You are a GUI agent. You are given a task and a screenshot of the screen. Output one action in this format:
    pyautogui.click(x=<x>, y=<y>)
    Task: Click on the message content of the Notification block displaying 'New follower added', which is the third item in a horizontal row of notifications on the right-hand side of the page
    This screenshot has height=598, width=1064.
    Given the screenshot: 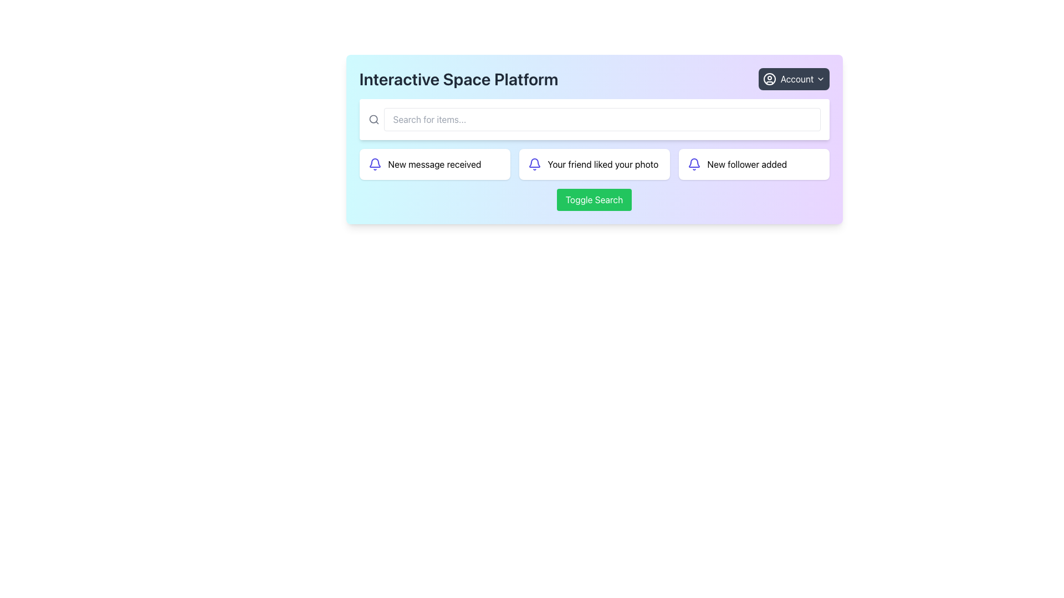 What is the action you would take?
    pyautogui.click(x=754, y=164)
    